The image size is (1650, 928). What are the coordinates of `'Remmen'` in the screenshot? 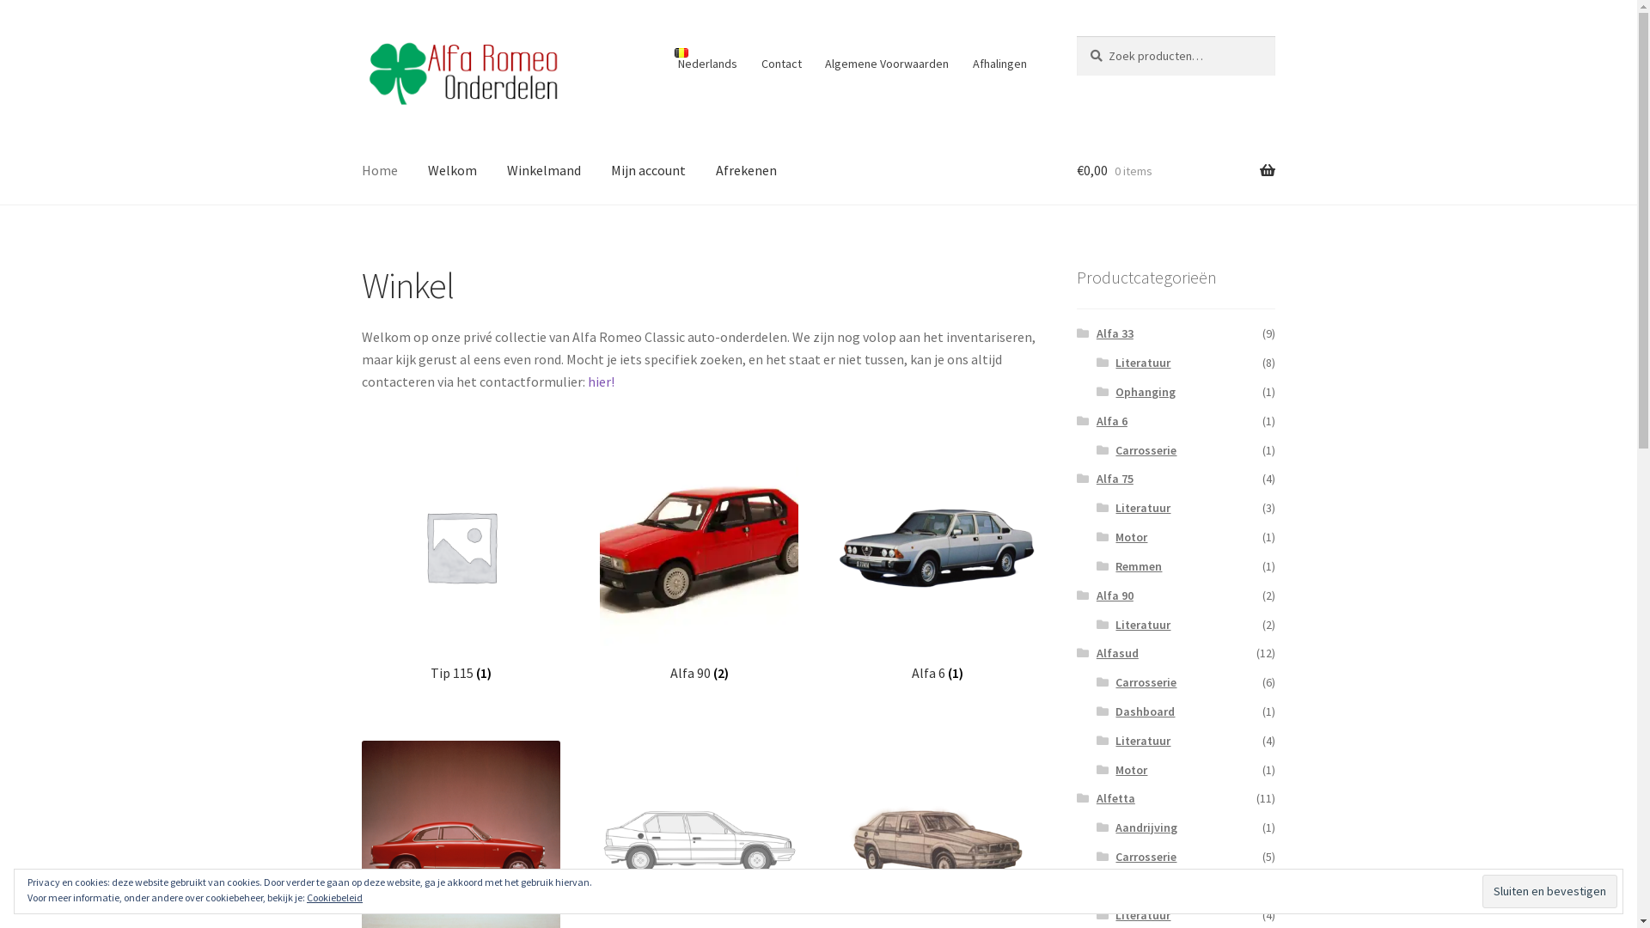 It's located at (1138, 566).